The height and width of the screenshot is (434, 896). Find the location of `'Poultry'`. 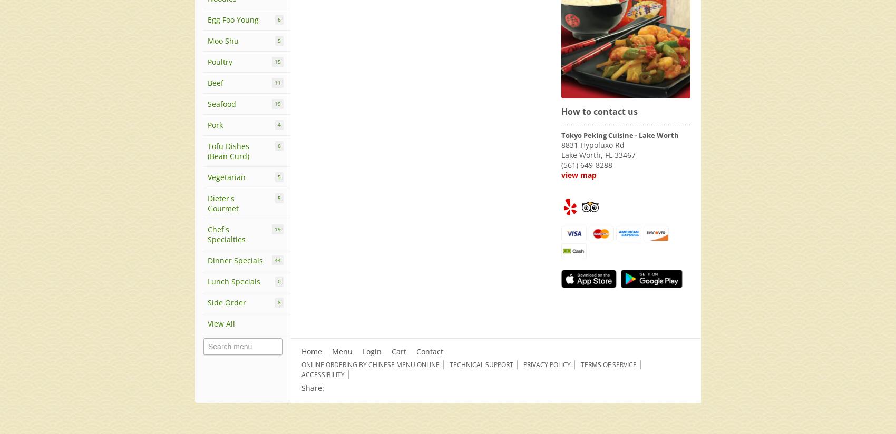

'Poultry' is located at coordinates (219, 62).